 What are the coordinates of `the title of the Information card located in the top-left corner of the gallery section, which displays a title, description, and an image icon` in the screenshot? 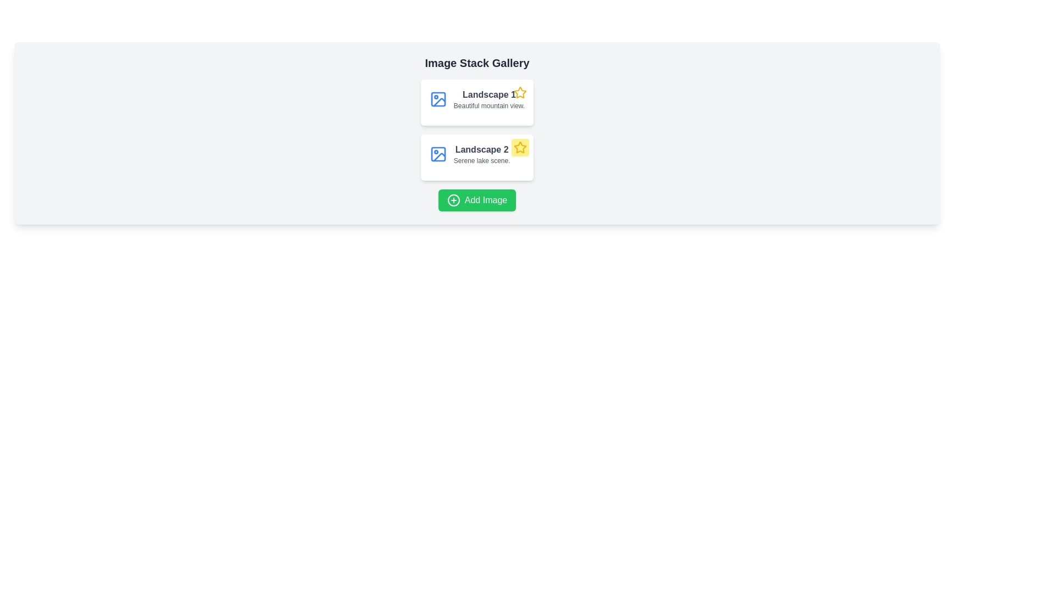 It's located at (477, 99).